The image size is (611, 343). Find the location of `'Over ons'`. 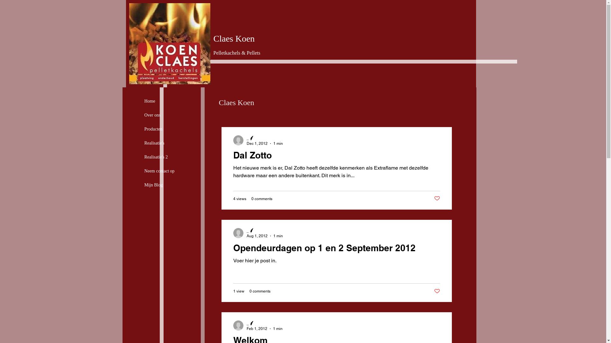

'Over ons' is located at coordinates (152, 115).